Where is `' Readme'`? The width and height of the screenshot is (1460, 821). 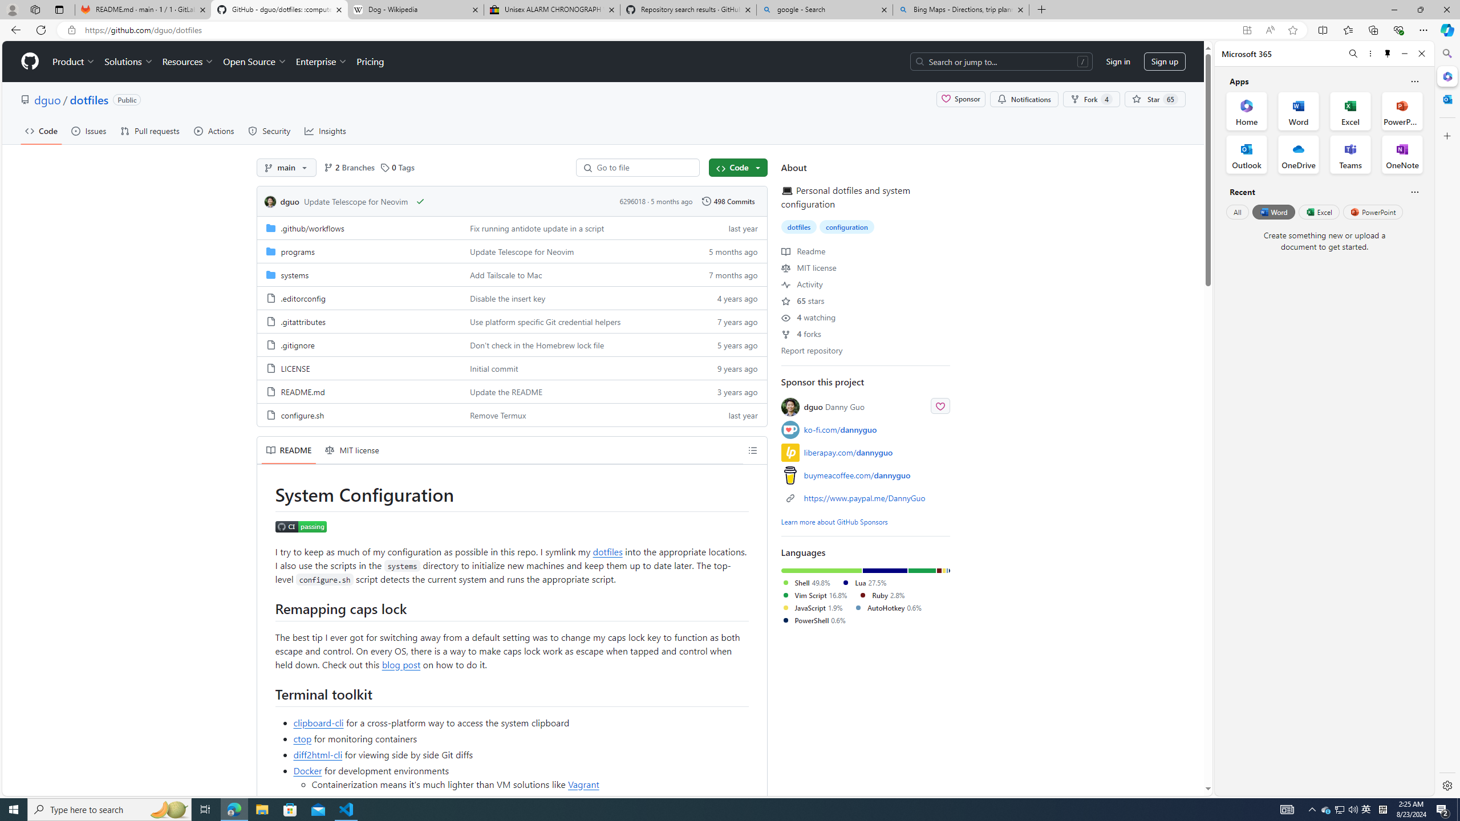 ' Readme' is located at coordinates (804, 250).